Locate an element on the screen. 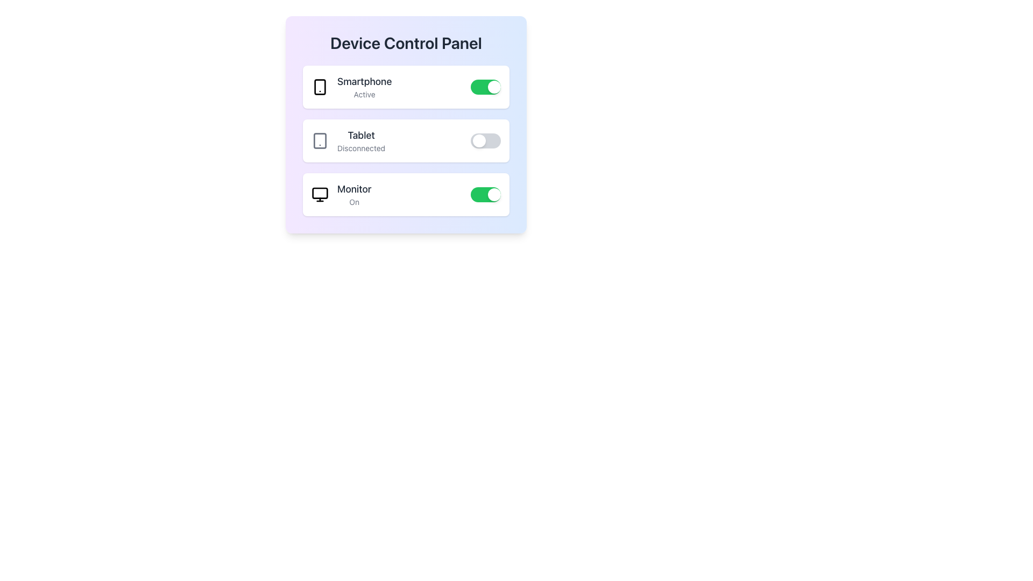 The image size is (1033, 581). the toggle switch on the second card in the Device Control Panel is located at coordinates (405, 140).